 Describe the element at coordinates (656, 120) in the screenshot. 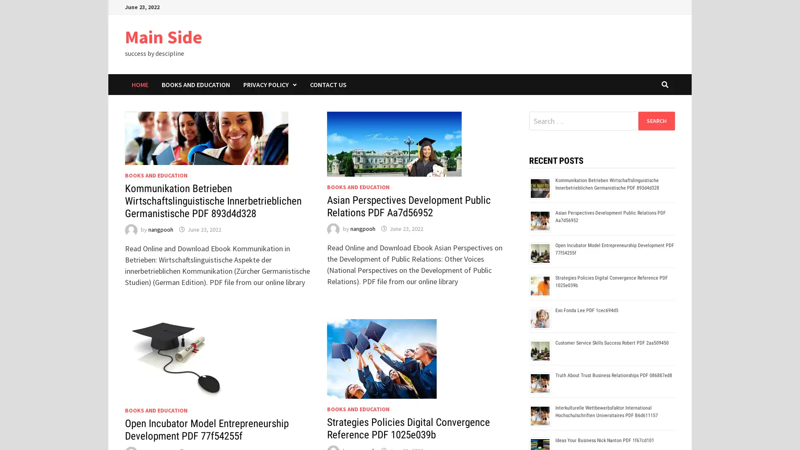

I see `Search` at that location.